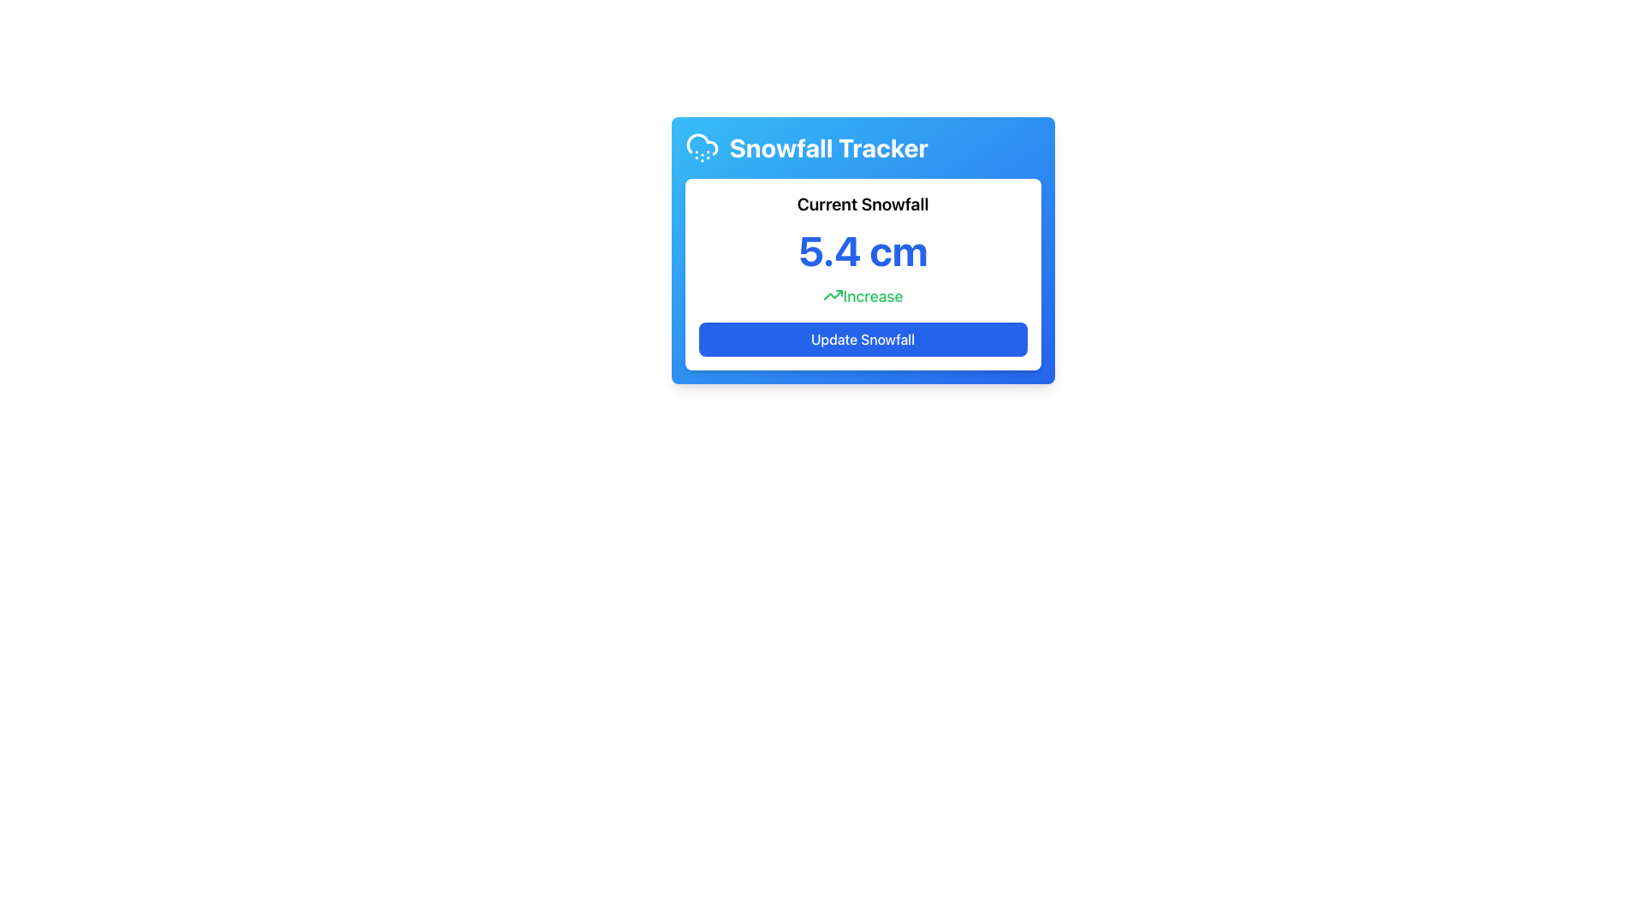  What do you see at coordinates (702, 147) in the screenshot?
I see `the white cloud icon representing snowfall, which is located in the header section of the 'Snowfall Tracker' widget, to the left of the 'Snowfall Tracker' text` at bounding box center [702, 147].